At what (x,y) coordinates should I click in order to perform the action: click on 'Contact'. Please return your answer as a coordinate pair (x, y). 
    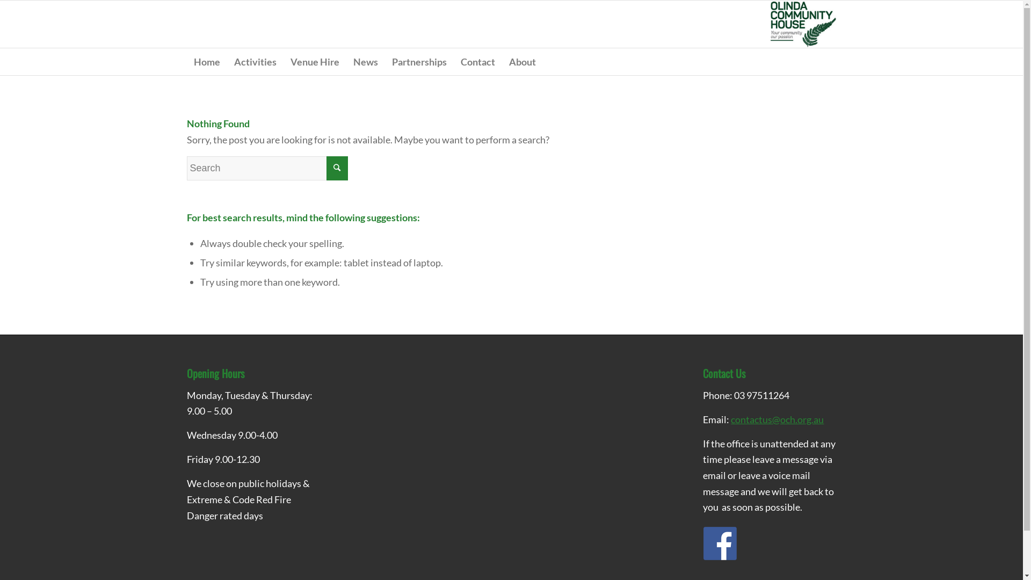
    Looking at the image, I should click on (476, 62).